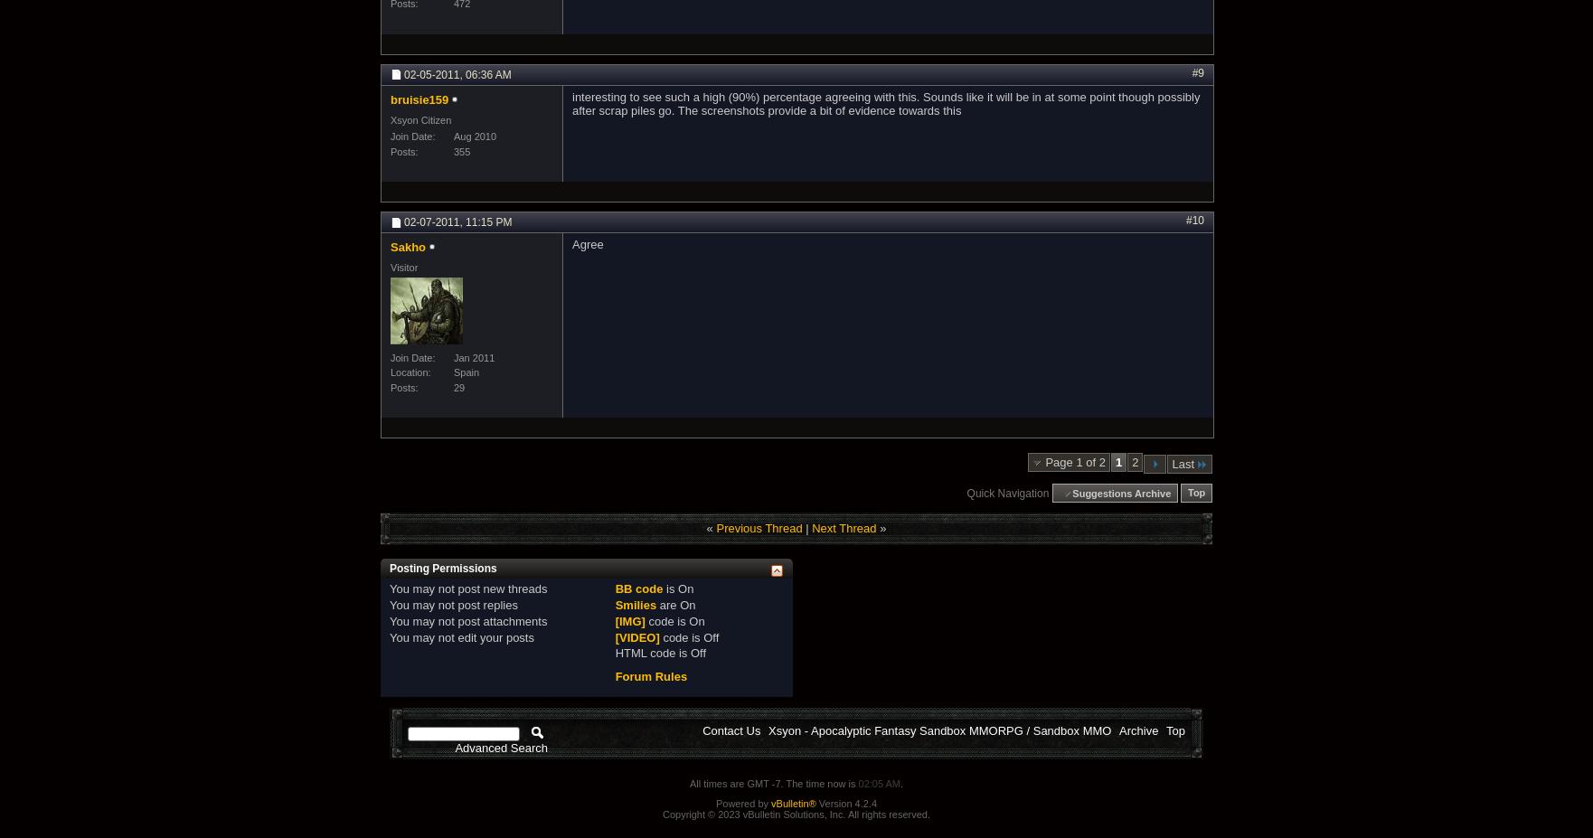 This screenshot has height=838, width=1593. I want to click on '2', so click(1135, 461).